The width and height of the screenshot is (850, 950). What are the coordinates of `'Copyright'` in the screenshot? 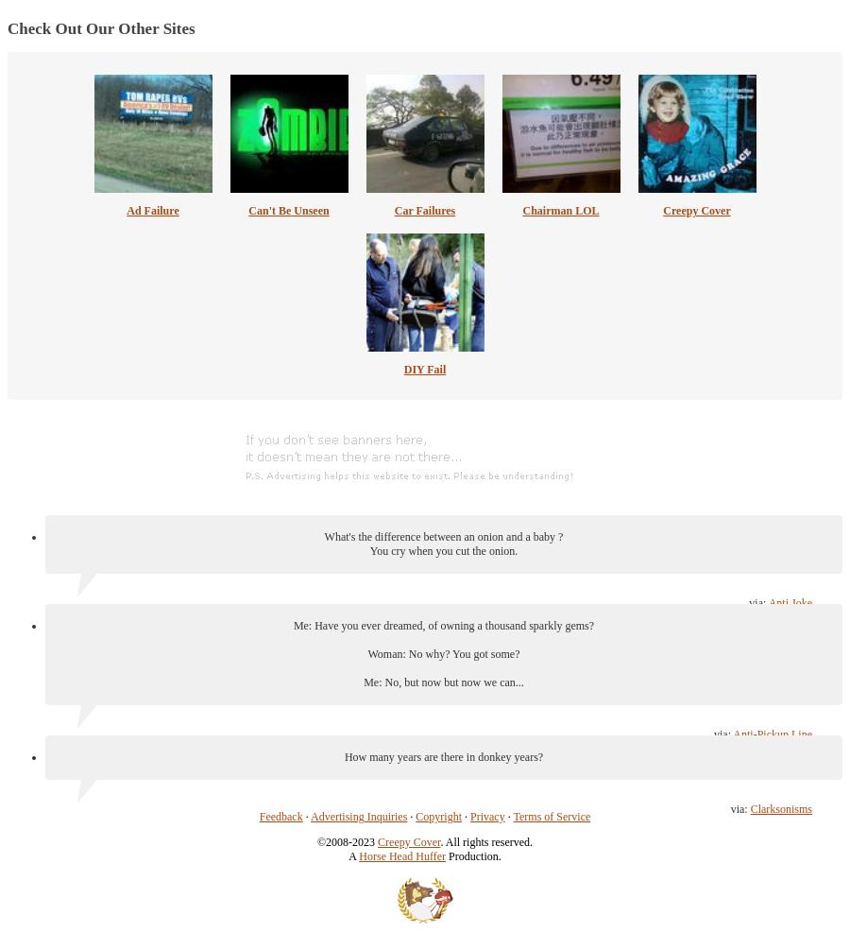 It's located at (437, 814).